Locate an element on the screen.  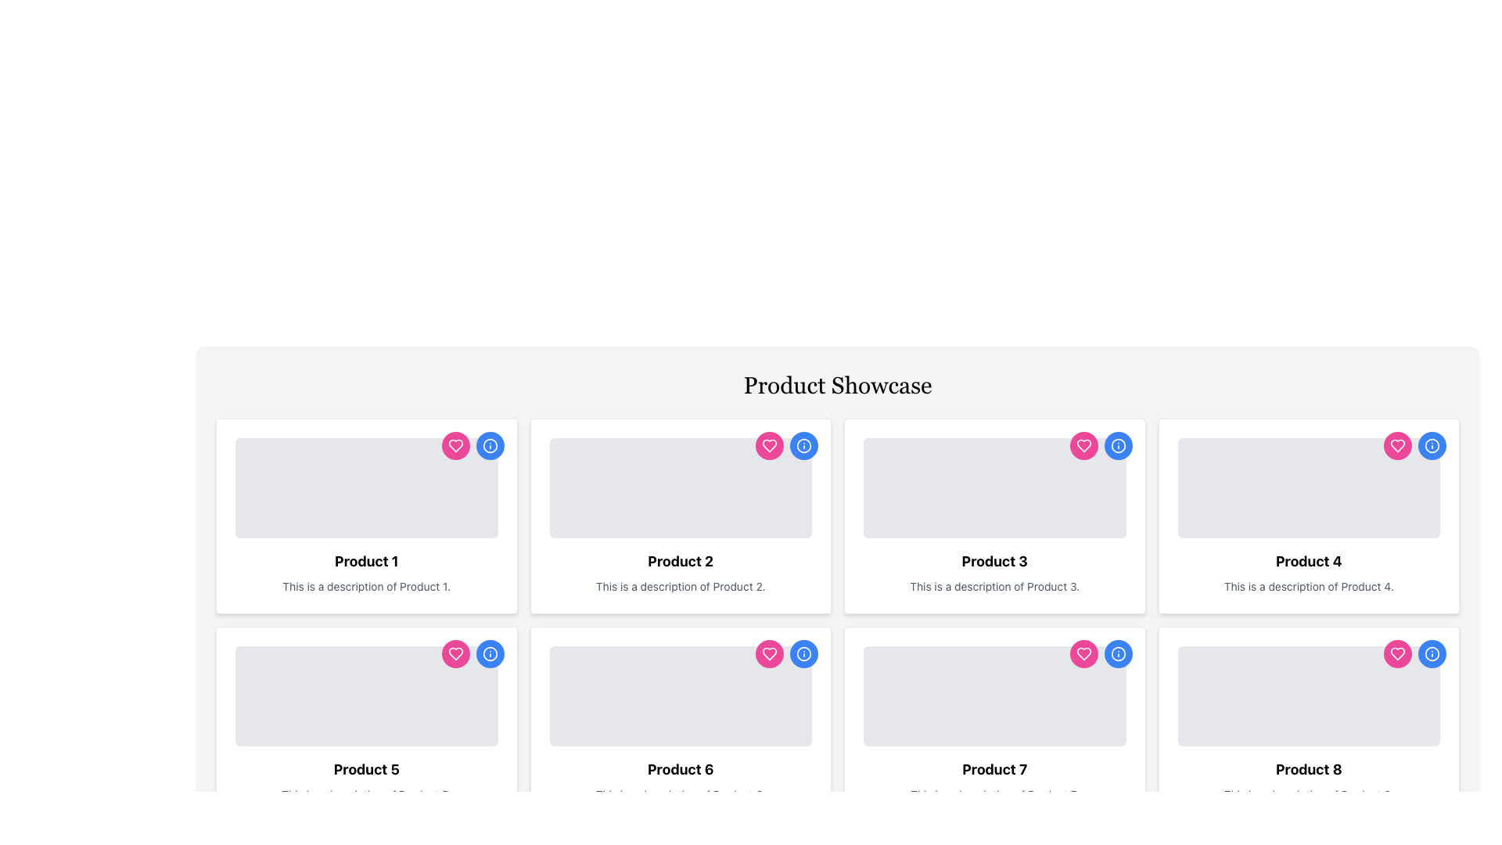
the like or favorite icon located in the top-right corner of the product card in the first column of the second row to mark the product as liked is located at coordinates (455, 654).